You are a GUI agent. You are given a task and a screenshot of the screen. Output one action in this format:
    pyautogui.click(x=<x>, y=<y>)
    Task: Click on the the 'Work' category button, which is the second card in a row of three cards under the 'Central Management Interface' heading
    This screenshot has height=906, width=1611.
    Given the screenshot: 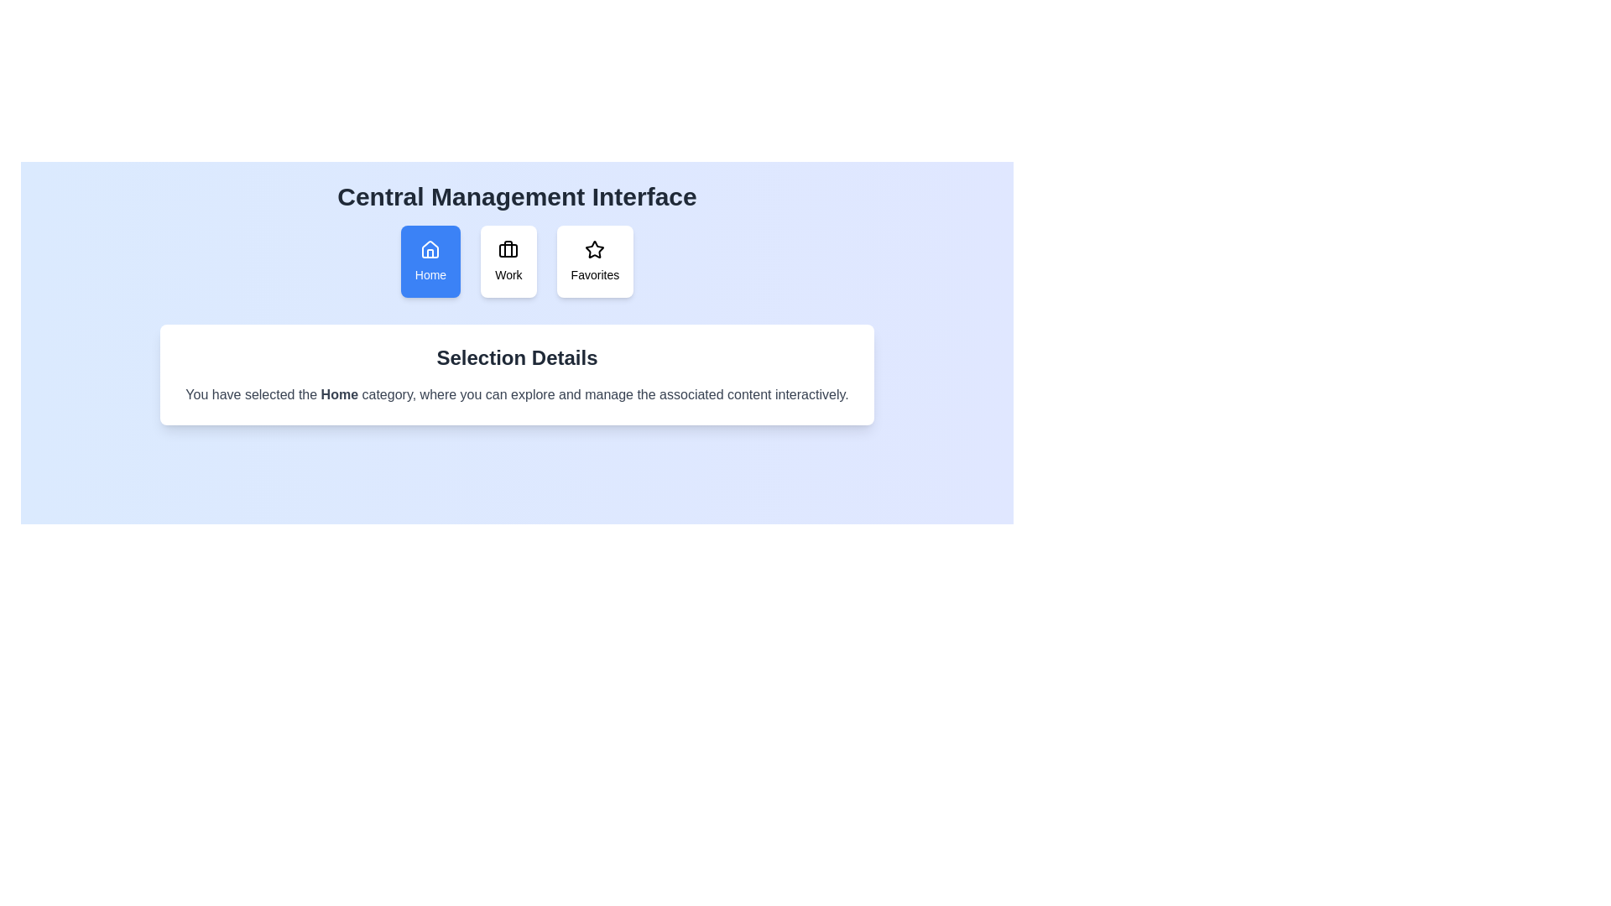 What is the action you would take?
    pyautogui.click(x=508, y=262)
    